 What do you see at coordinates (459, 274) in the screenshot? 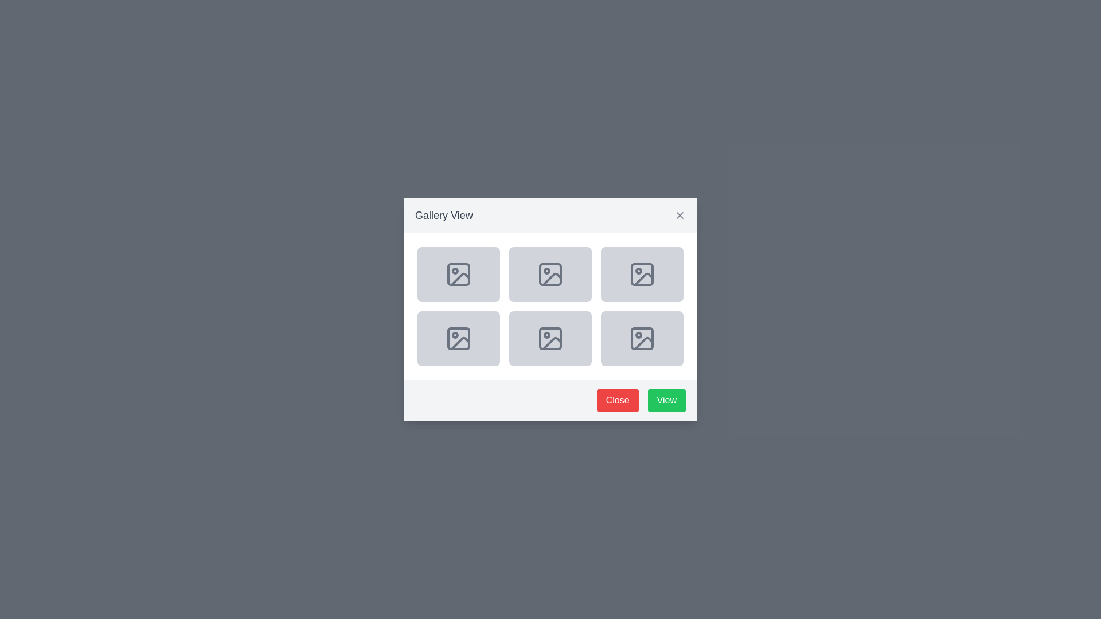
I see `the light gray rectangular icon frame with rounded corners located in the top-left image icon of the modal popup` at bounding box center [459, 274].